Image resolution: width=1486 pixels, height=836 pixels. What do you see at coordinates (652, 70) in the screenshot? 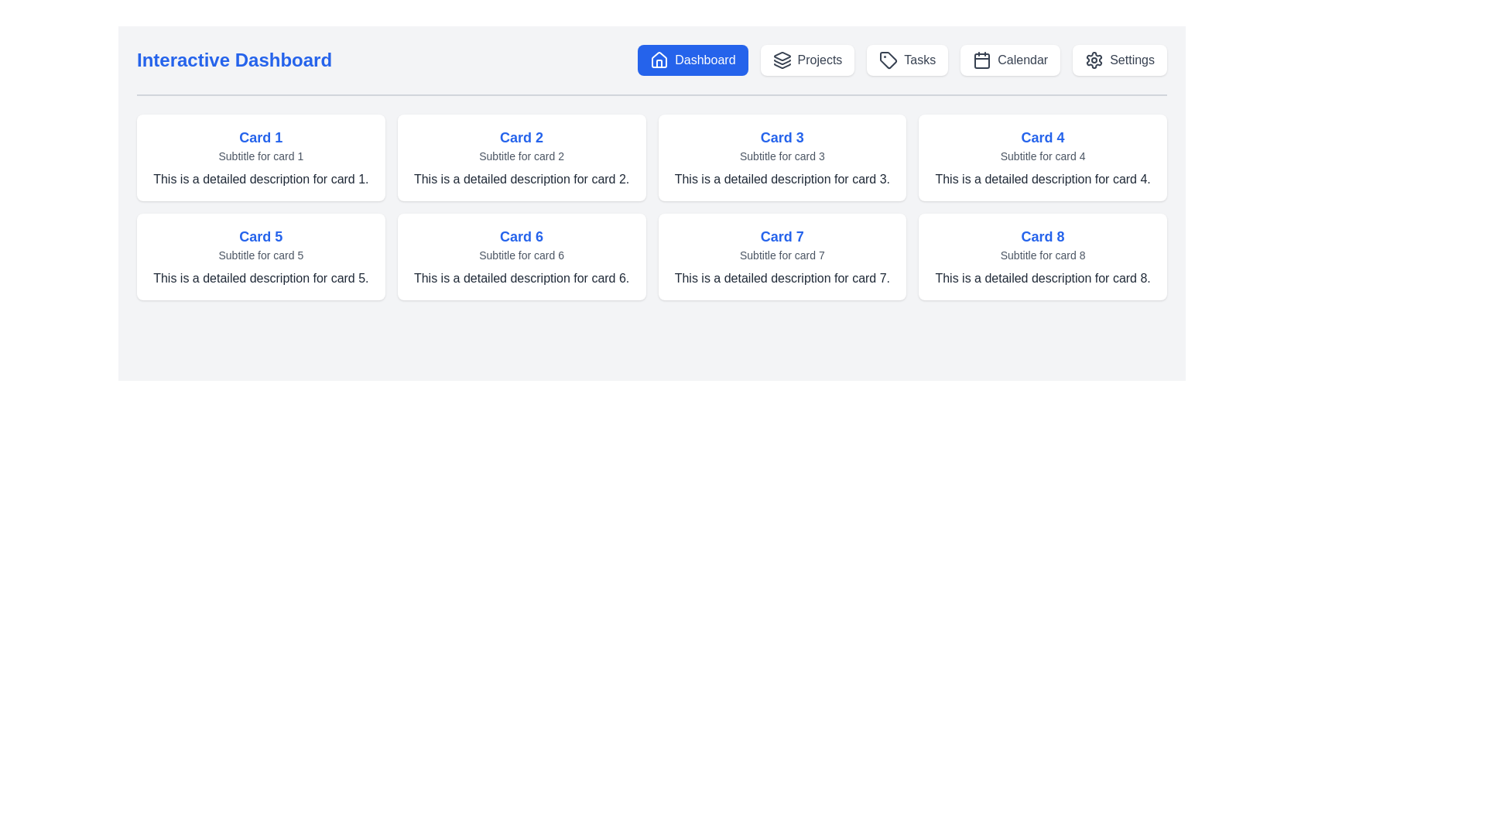
I see `a menu option in the Navigation Bar titled 'Interactive Dashboard'` at bounding box center [652, 70].